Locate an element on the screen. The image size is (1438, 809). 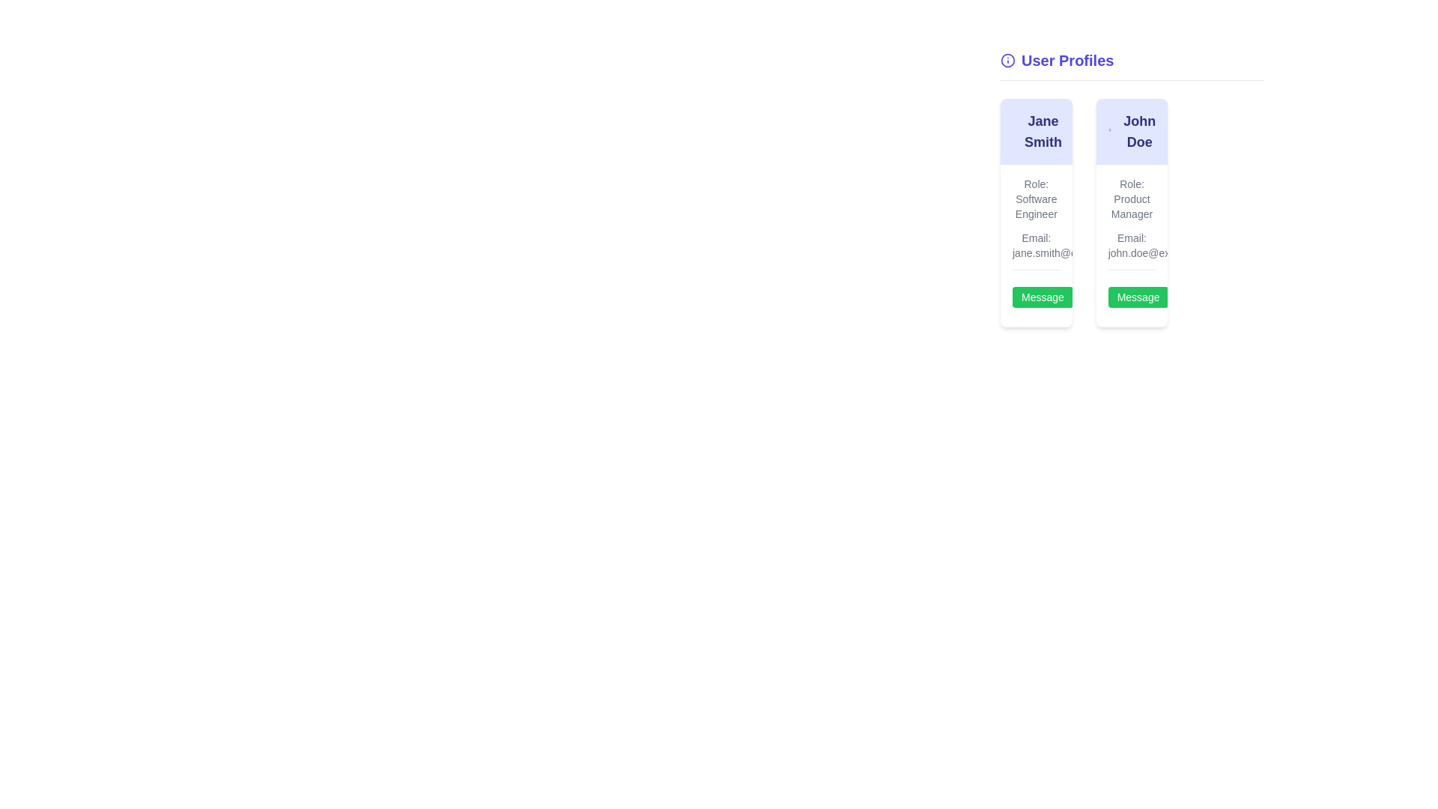
the static text label 'Role:' which is located in the second profile card for 'John Doe' in the 'User Profiles' section, positioned above the role description 'Product Manager' is located at coordinates (1132, 184).